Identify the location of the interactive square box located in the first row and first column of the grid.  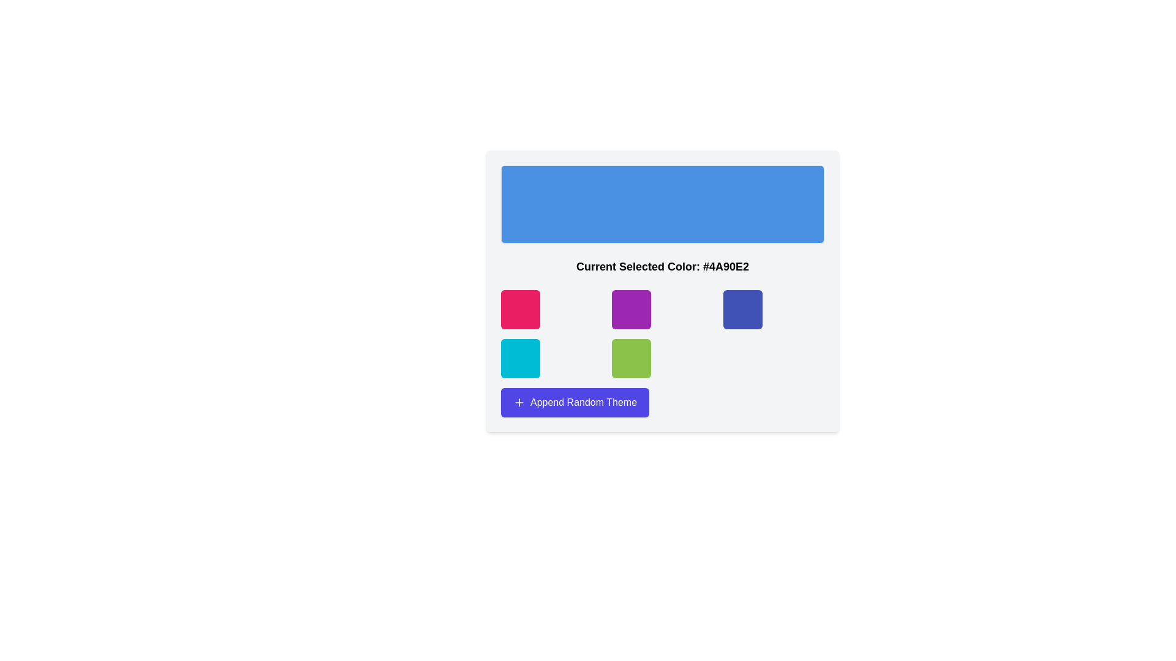
(520, 308).